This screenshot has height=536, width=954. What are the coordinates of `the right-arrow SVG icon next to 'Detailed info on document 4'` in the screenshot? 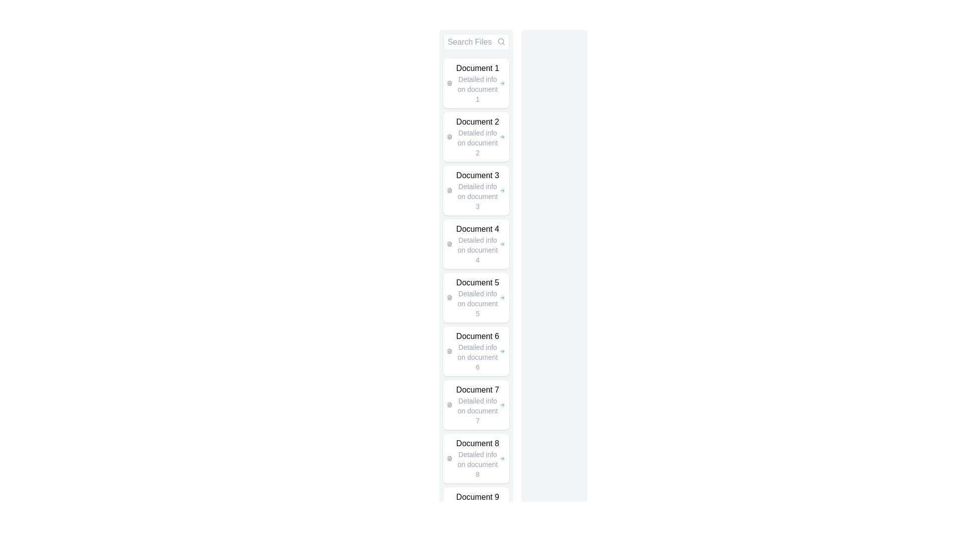 It's located at (502, 244).